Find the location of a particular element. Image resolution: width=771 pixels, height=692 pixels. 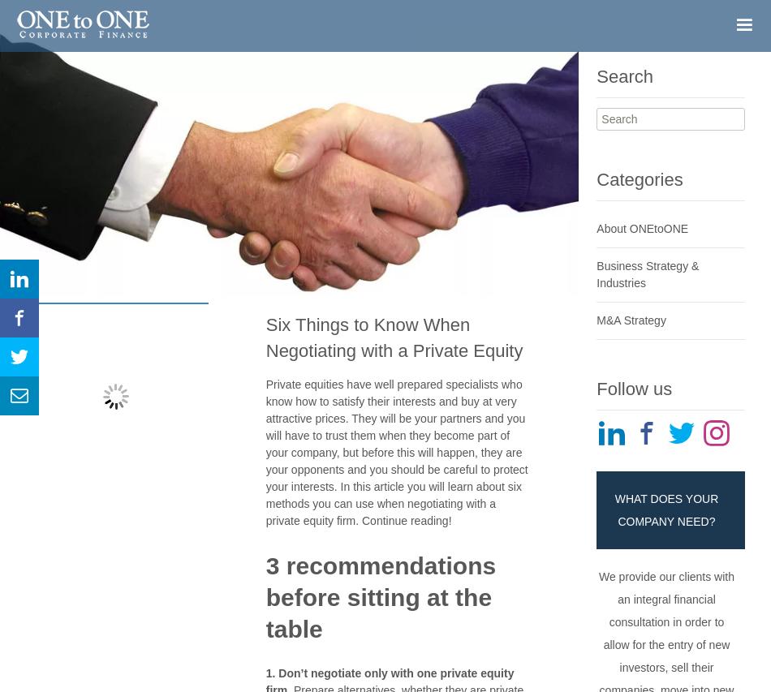

'WHAT DOES YOUR COMPANY NEED?' is located at coordinates (665, 510).